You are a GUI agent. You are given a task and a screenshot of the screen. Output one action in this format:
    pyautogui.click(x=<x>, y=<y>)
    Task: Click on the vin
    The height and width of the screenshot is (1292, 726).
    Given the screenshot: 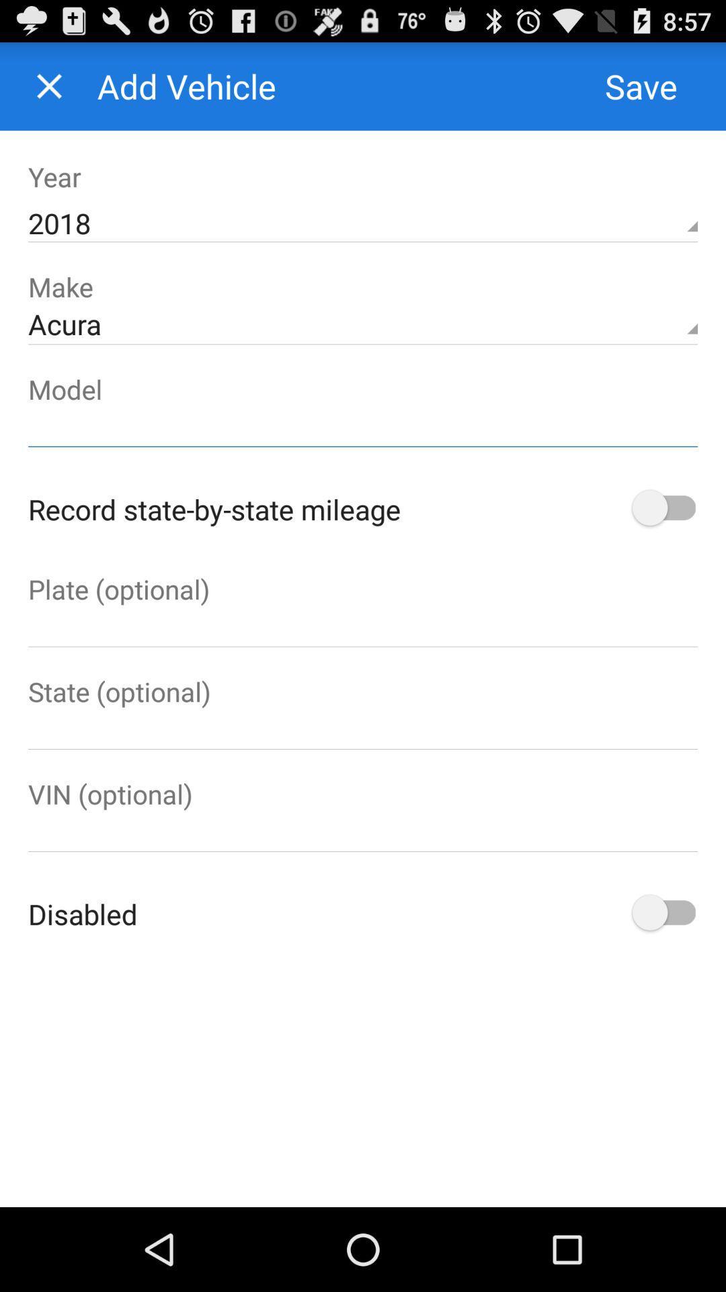 What is the action you would take?
    pyautogui.click(x=363, y=831)
    